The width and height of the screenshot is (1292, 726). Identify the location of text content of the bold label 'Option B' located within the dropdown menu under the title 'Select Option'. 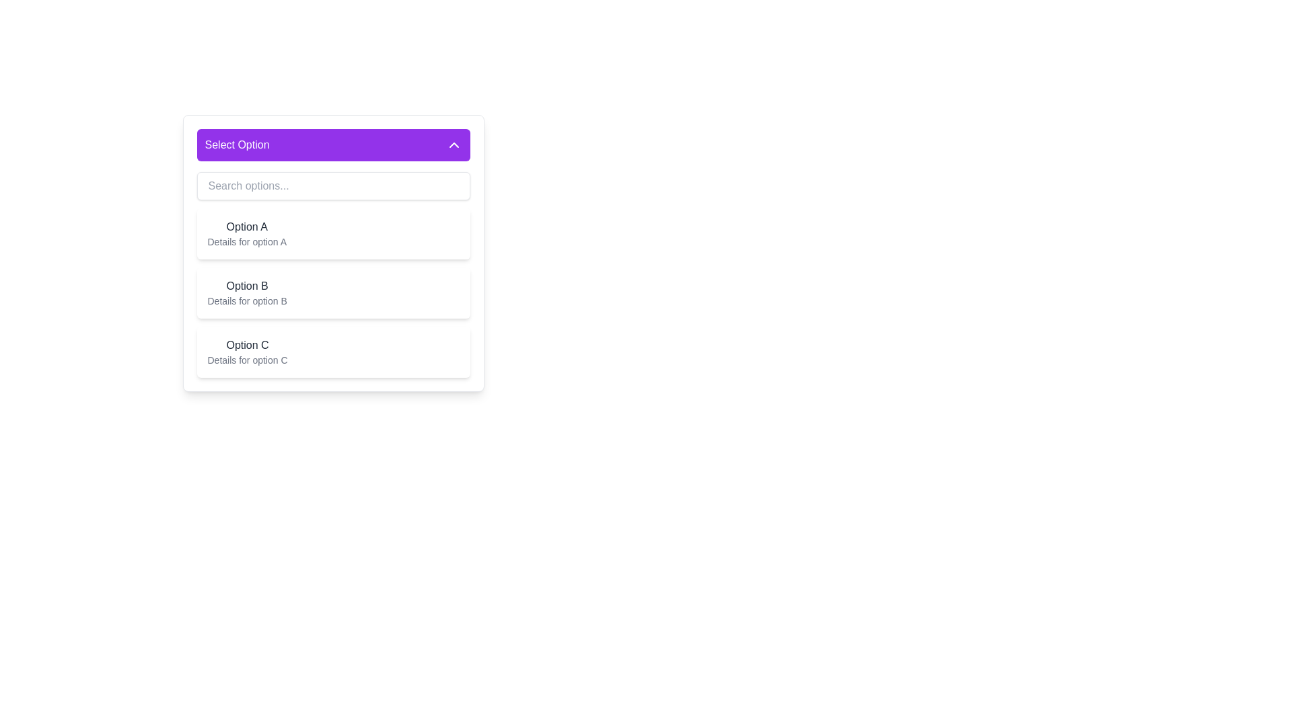
(247, 285).